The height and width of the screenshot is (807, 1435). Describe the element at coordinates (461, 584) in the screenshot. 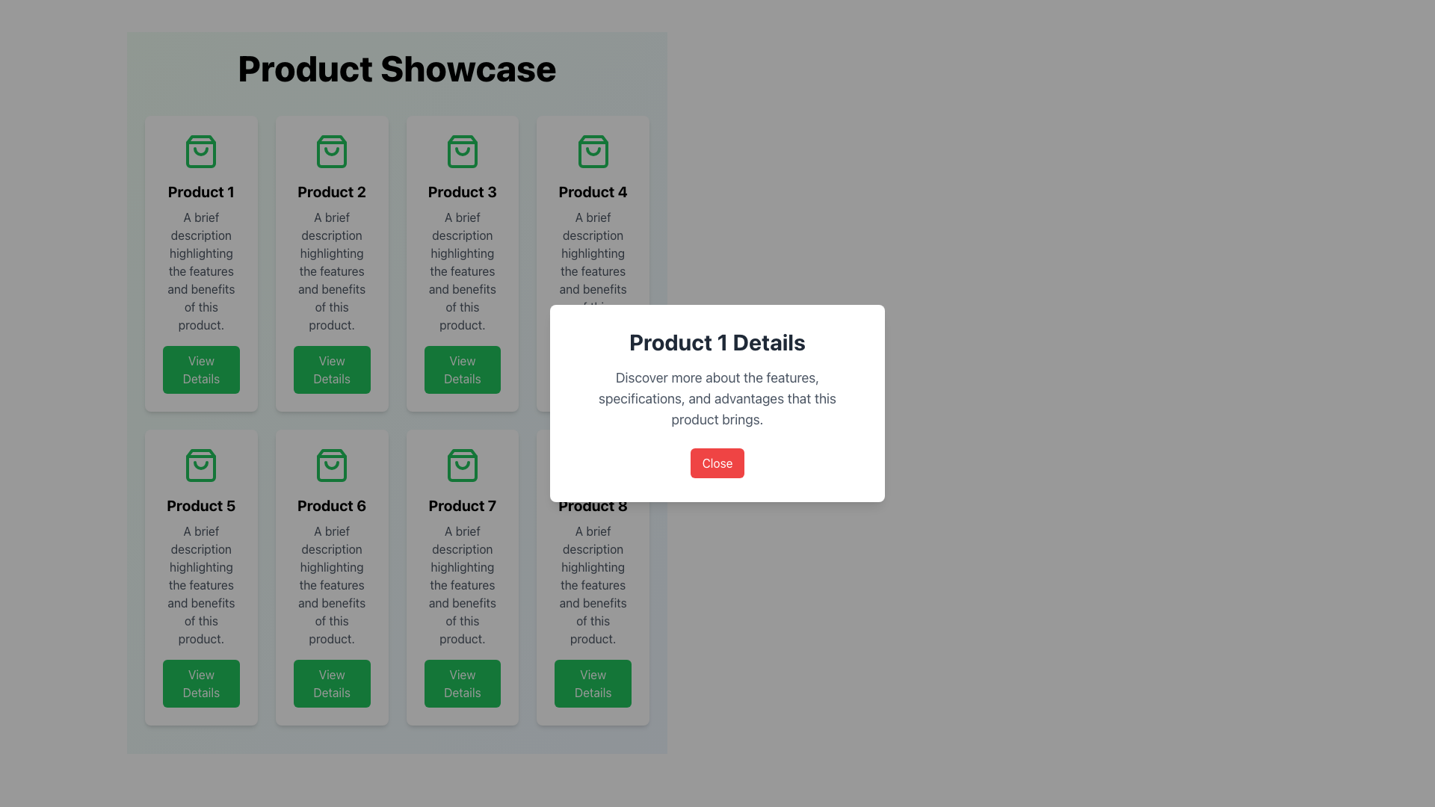

I see `supplementary descriptive information text element located under the title 'Product 7' and above the 'View Details' button` at that location.